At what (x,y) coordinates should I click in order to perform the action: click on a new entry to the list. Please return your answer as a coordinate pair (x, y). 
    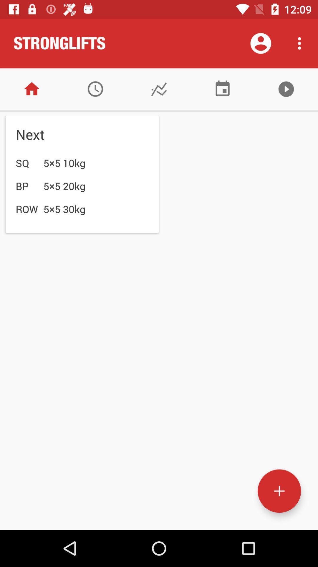
    Looking at the image, I should click on (279, 491).